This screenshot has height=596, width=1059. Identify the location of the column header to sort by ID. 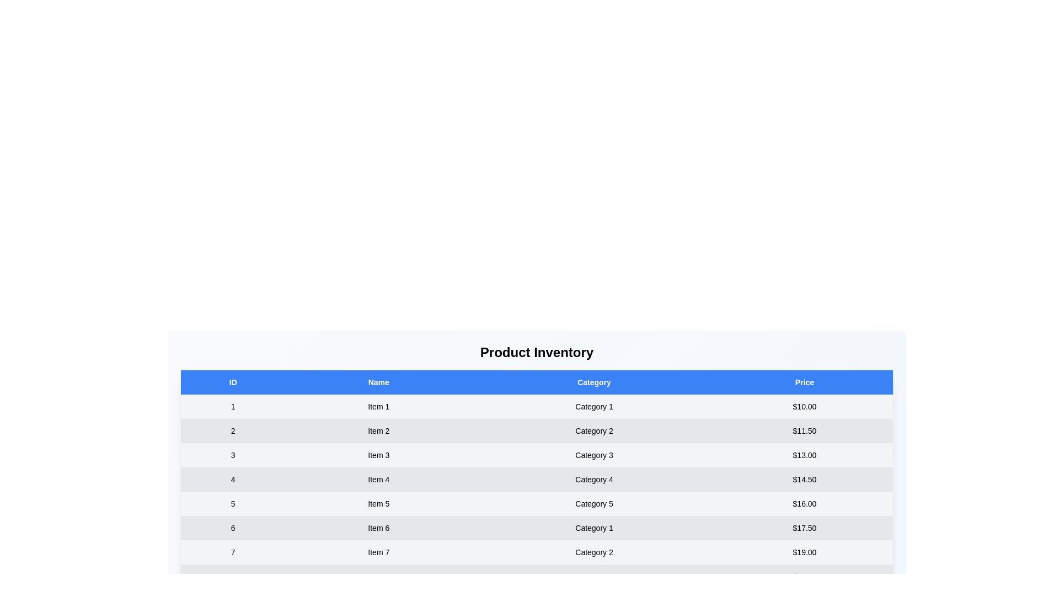
(232, 382).